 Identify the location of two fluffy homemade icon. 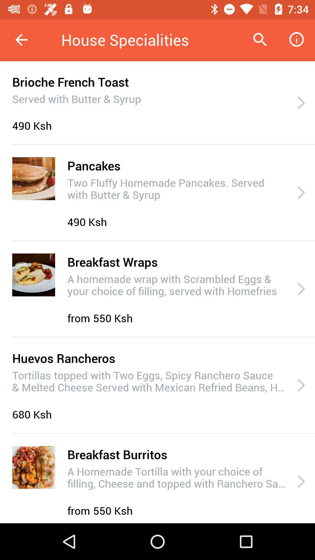
(177, 188).